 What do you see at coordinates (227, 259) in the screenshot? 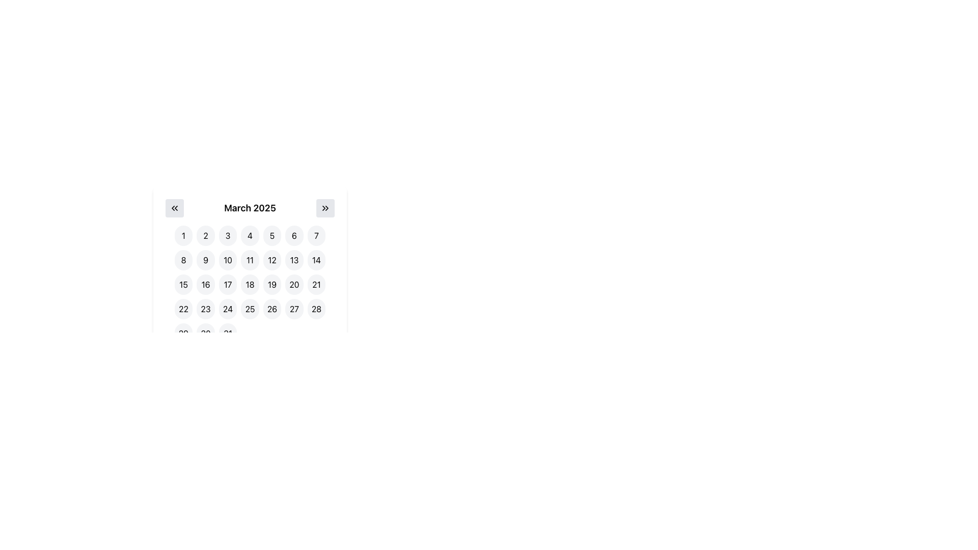
I see `the interactive button representing the date '10' in the calendar interface` at bounding box center [227, 259].